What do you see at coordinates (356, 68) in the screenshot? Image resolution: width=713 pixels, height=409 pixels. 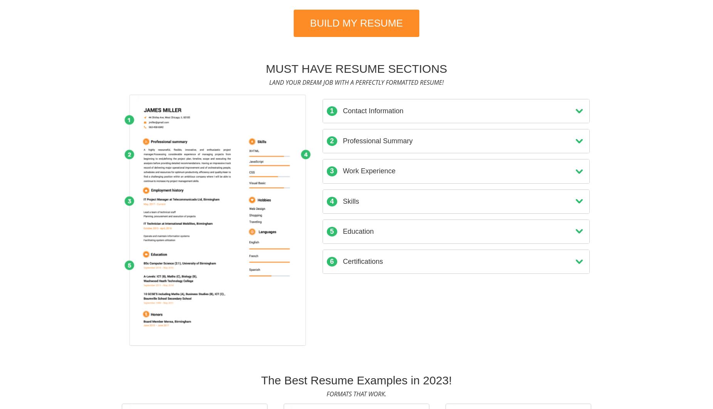 I see `'Must Have Resume Sections'` at bounding box center [356, 68].